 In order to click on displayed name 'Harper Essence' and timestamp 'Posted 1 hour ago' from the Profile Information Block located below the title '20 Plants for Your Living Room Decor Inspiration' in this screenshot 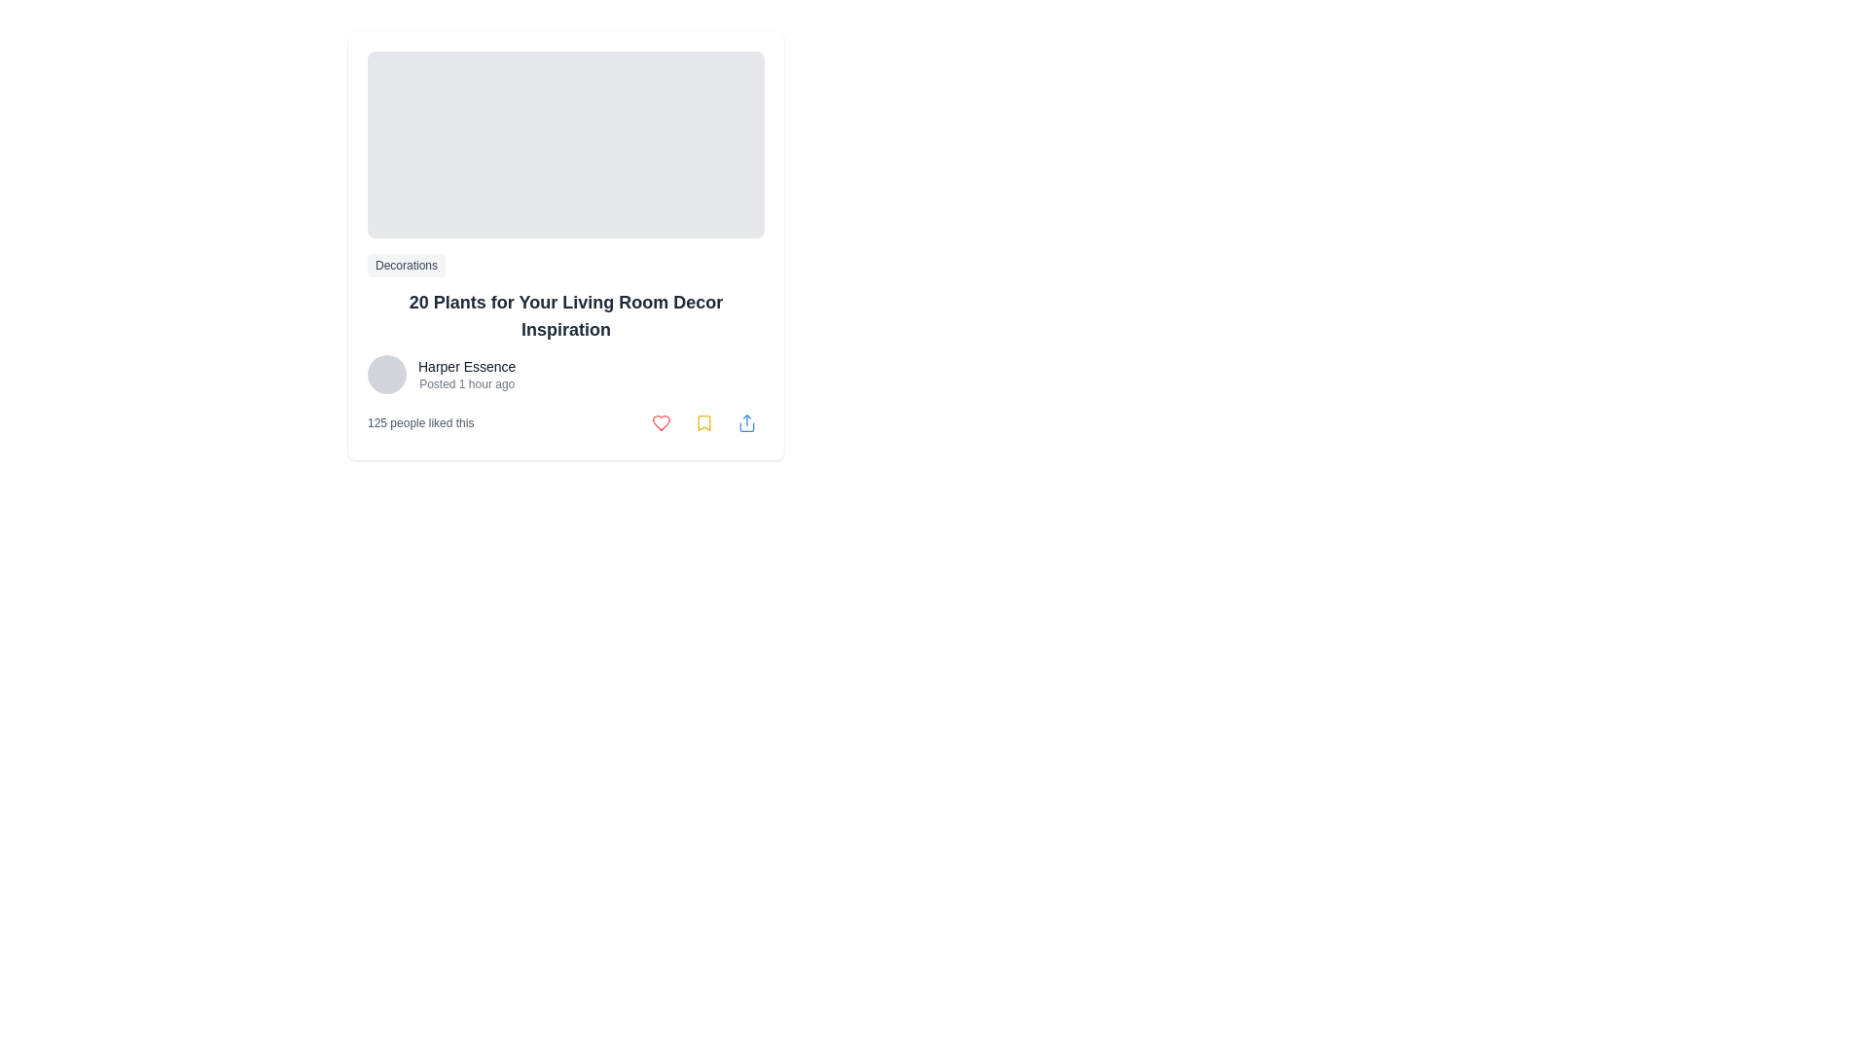, I will do `click(564, 375)`.